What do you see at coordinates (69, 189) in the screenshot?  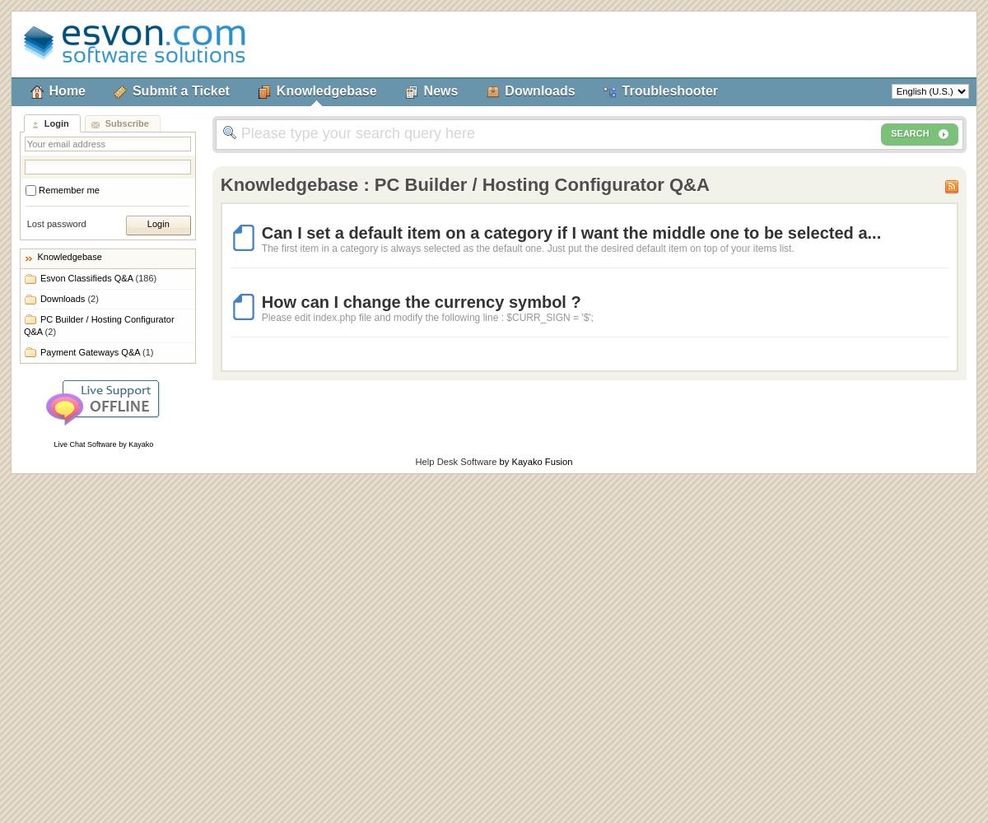 I see `'Remember me'` at bounding box center [69, 189].